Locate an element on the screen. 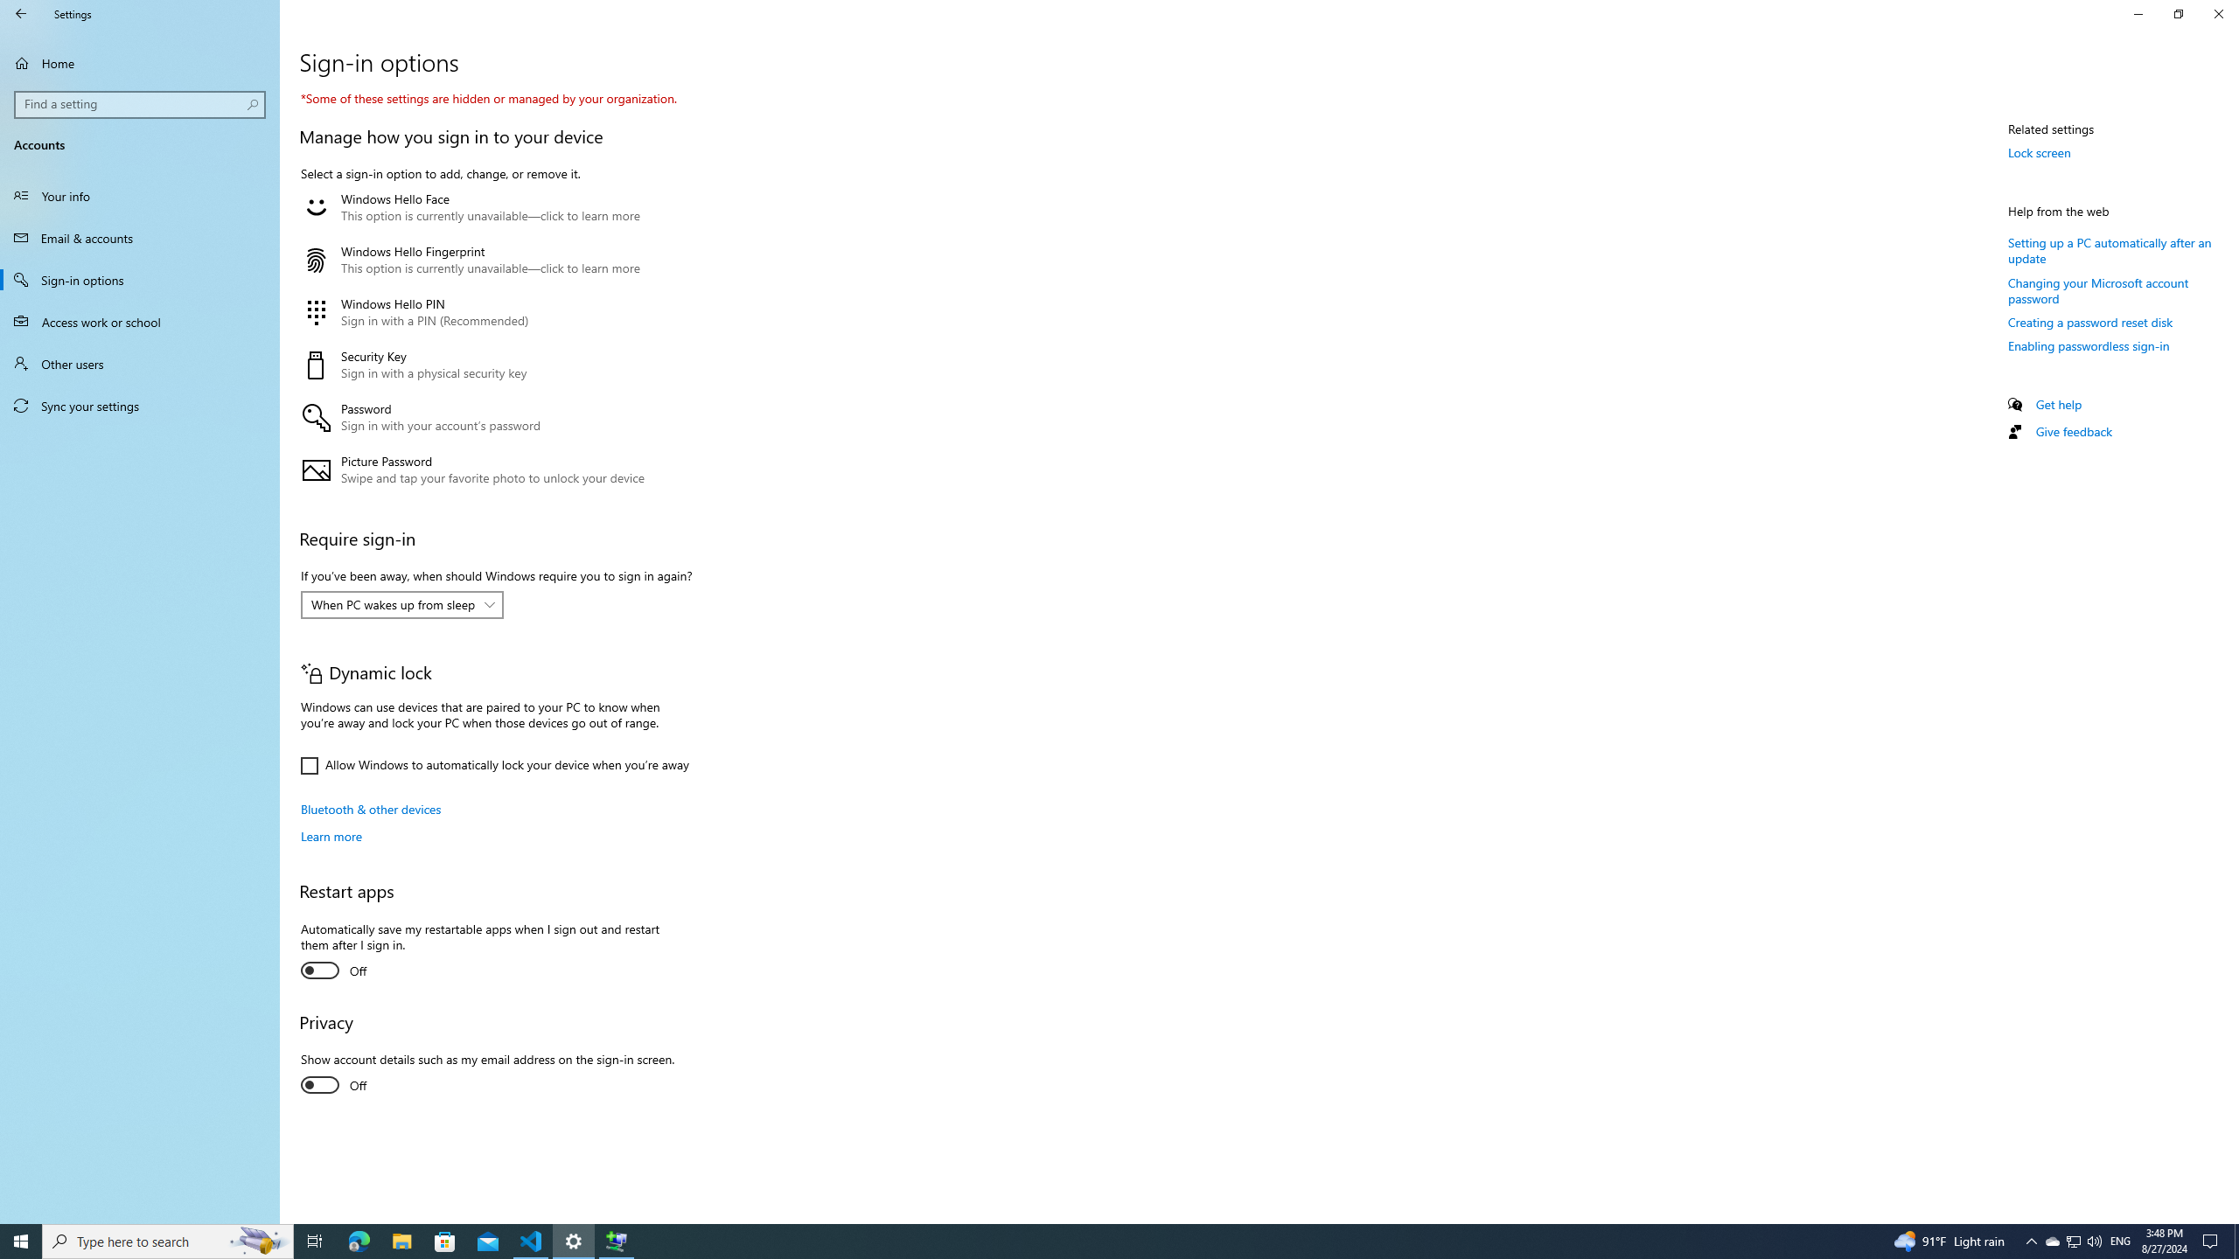 The height and width of the screenshot is (1259, 2239). 'Email & accounts' is located at coordinates (139, 237).